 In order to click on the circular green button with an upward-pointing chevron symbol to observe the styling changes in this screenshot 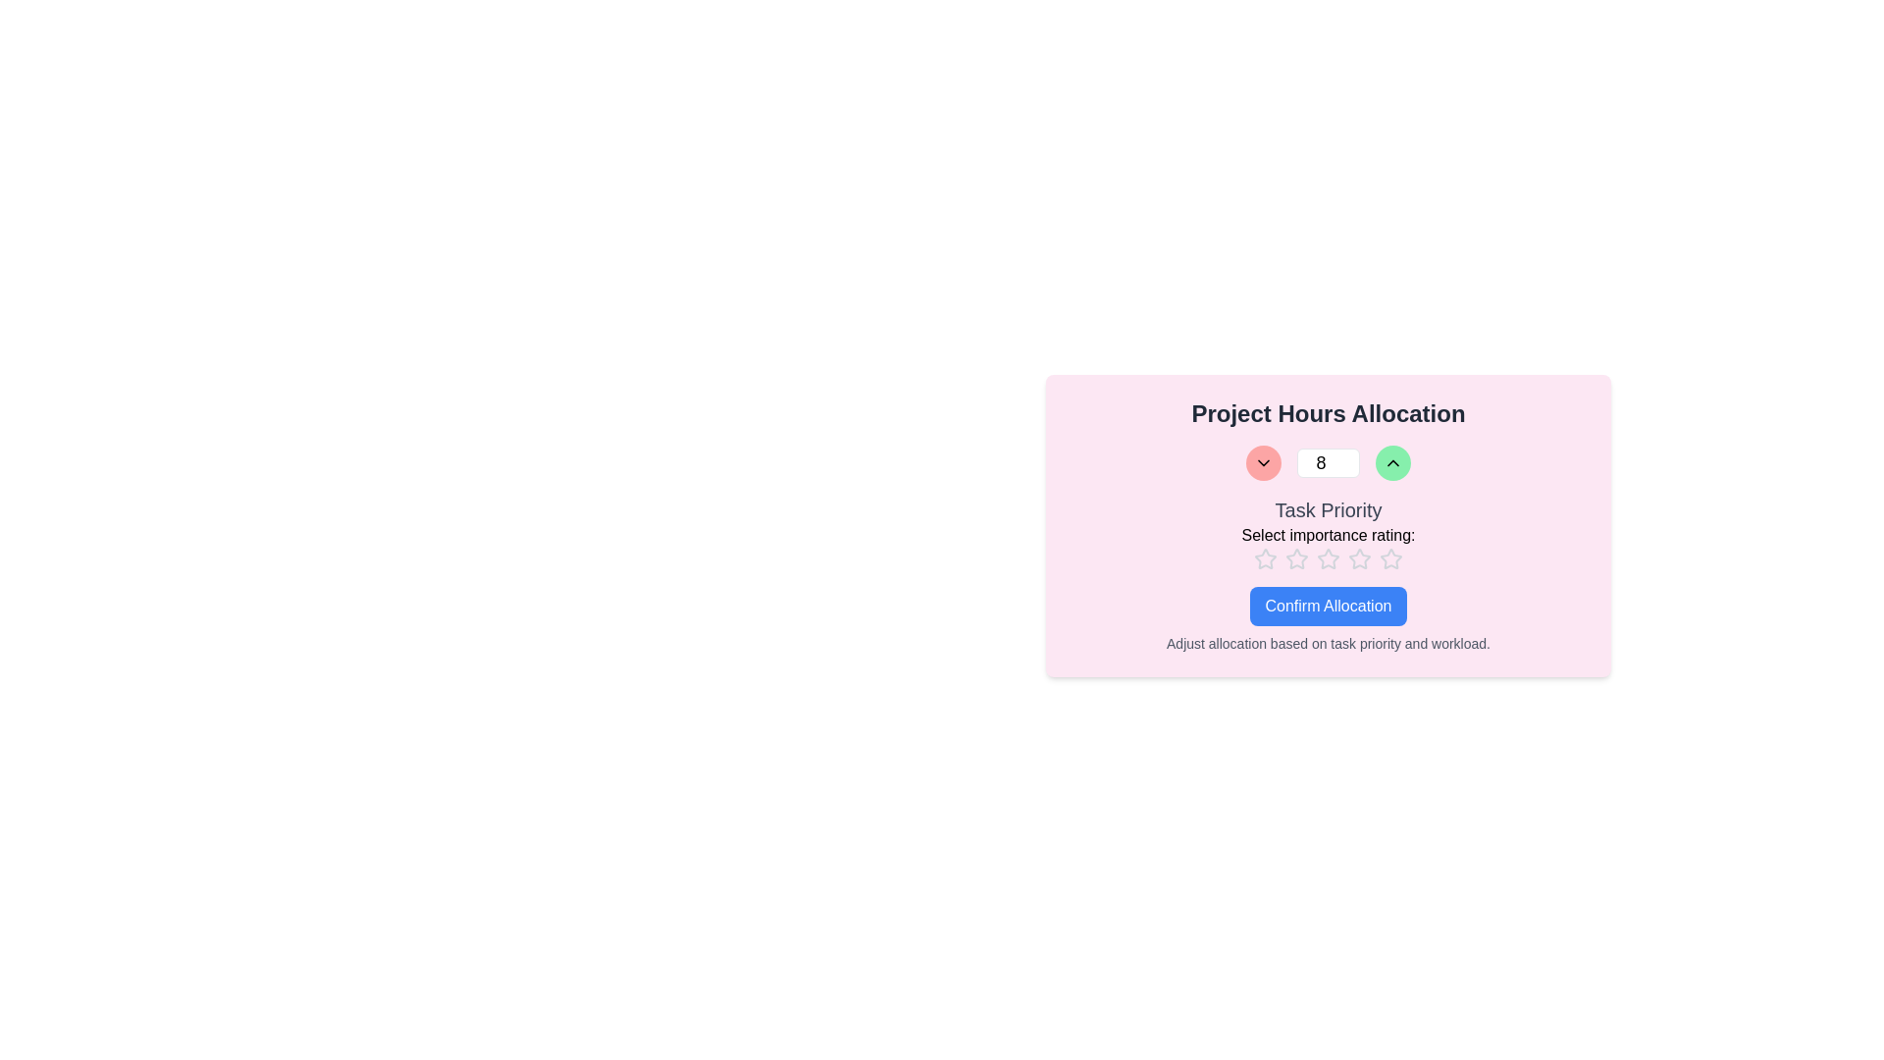, I will do `click(1392, 462)`.